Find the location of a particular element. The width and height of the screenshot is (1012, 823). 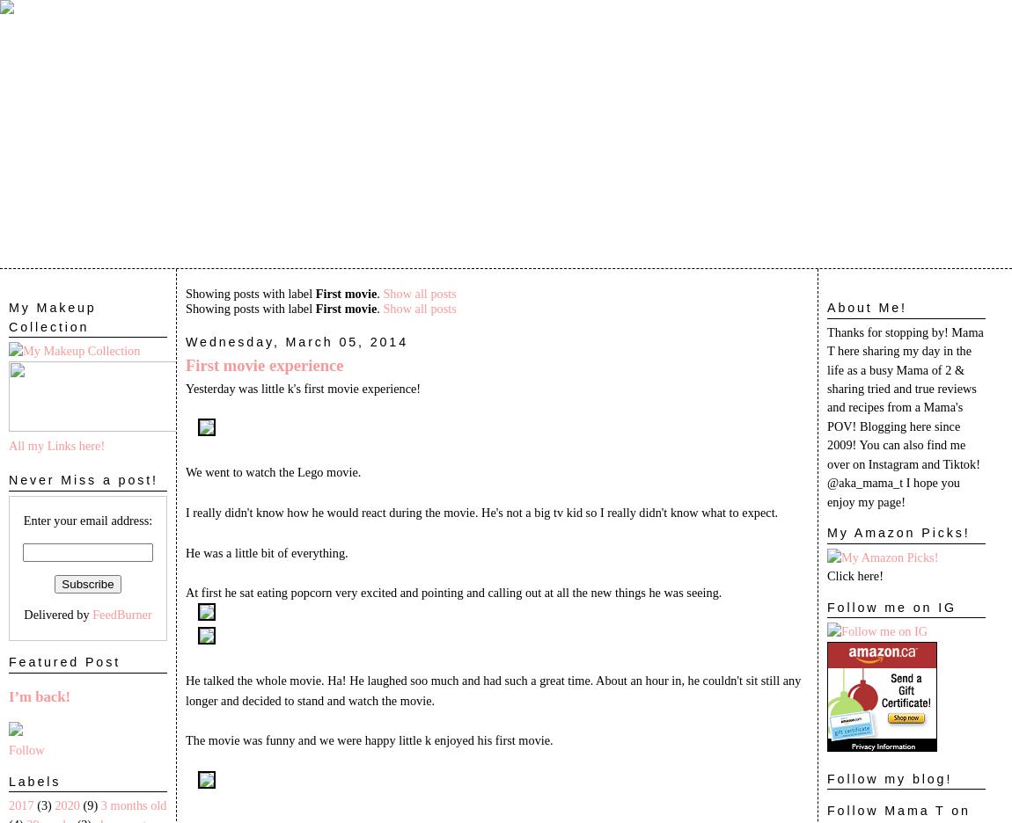

'2017' is located at coordinates (20, 805).